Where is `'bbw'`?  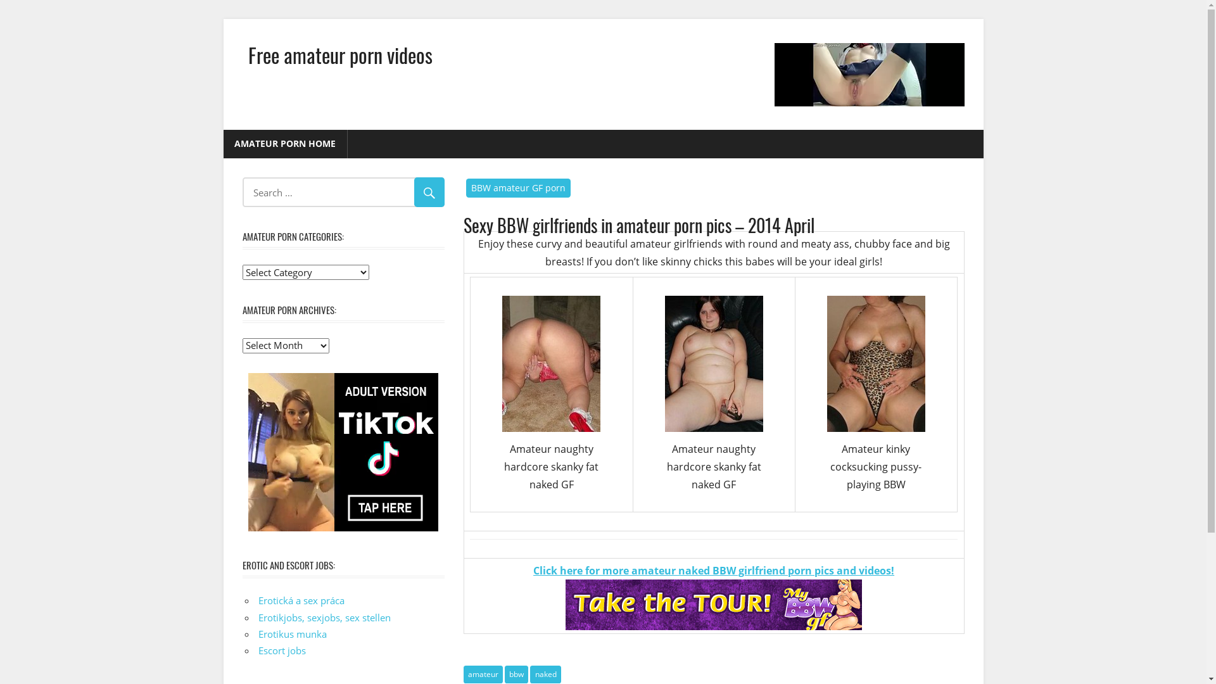
'bbw' is located at coordinates (516, 673).